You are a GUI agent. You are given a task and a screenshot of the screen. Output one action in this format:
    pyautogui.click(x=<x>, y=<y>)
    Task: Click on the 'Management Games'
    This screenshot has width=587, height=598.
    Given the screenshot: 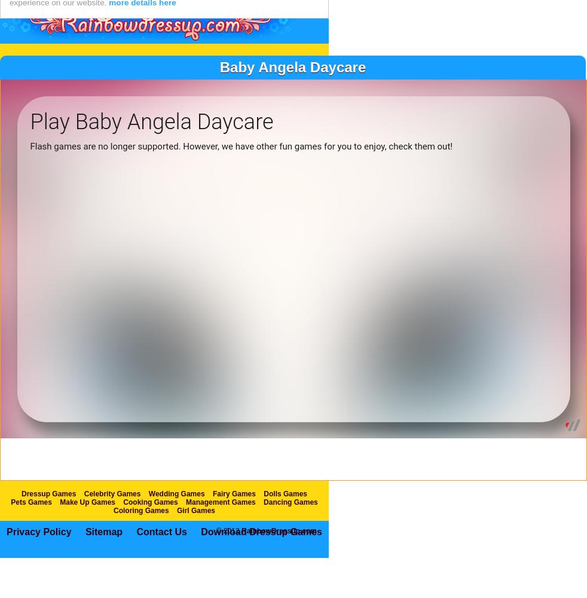 What is the action you would take?
    pyautogui.click(x=221, y=527)
    